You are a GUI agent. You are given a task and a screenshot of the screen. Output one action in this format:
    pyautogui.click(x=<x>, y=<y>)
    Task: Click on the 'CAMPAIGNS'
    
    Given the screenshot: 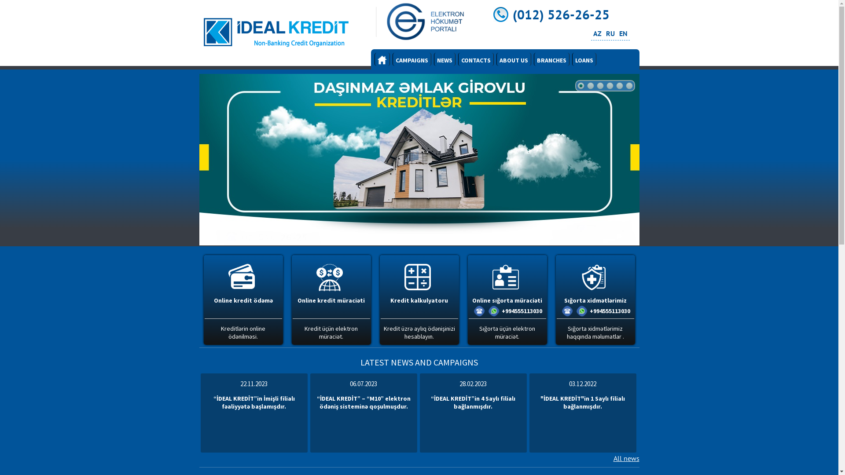 What is the action you would take?
    pyautogui.click(x=411, y=59)
    